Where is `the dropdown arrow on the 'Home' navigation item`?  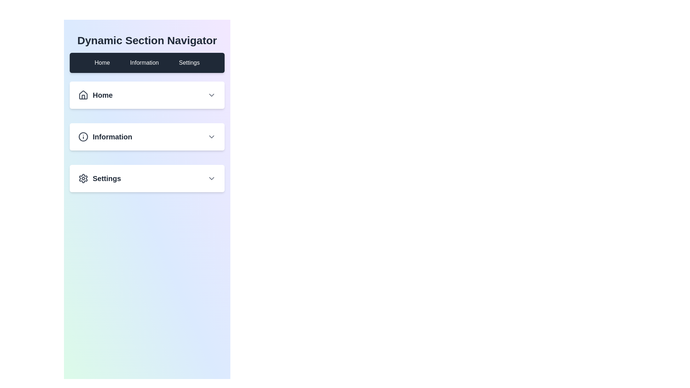
the dropdown arrow on the 'Home' navigation item is located at coordinates (147, 95).